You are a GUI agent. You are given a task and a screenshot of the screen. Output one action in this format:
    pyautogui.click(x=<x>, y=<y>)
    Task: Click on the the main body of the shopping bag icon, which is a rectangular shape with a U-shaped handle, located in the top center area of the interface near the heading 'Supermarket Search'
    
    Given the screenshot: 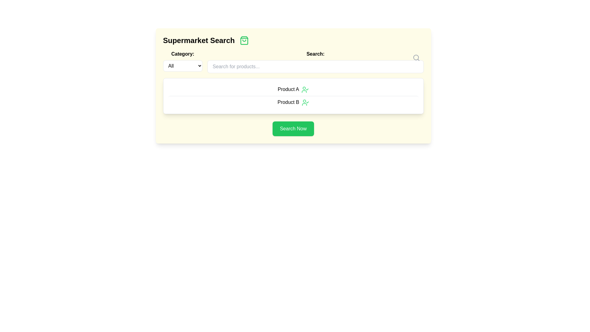 What is the action you would take?
    pyautogui.click(x=244, y=40)
    